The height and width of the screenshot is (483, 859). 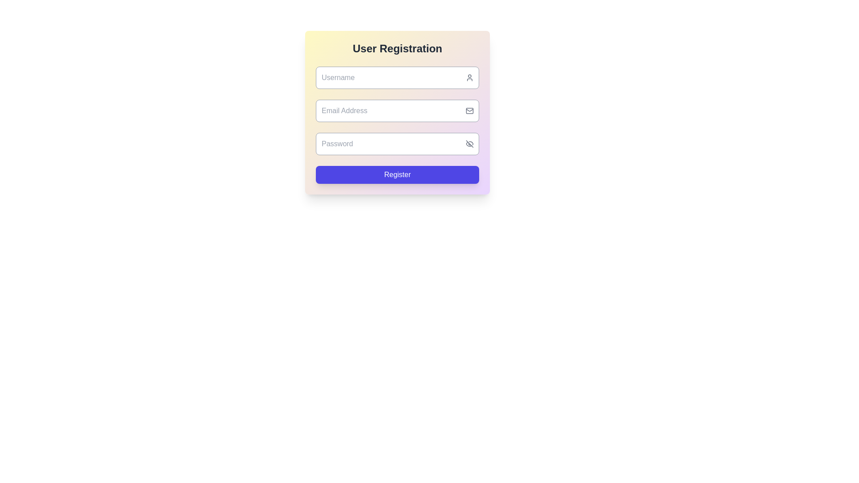 What do you see at coordinates (397, 174) in the screenshot?
I see `the 'Register' button, which is a rectangular button with a purple background and white text, located at the bottom of the registration form` at bounding box center [397, 174].